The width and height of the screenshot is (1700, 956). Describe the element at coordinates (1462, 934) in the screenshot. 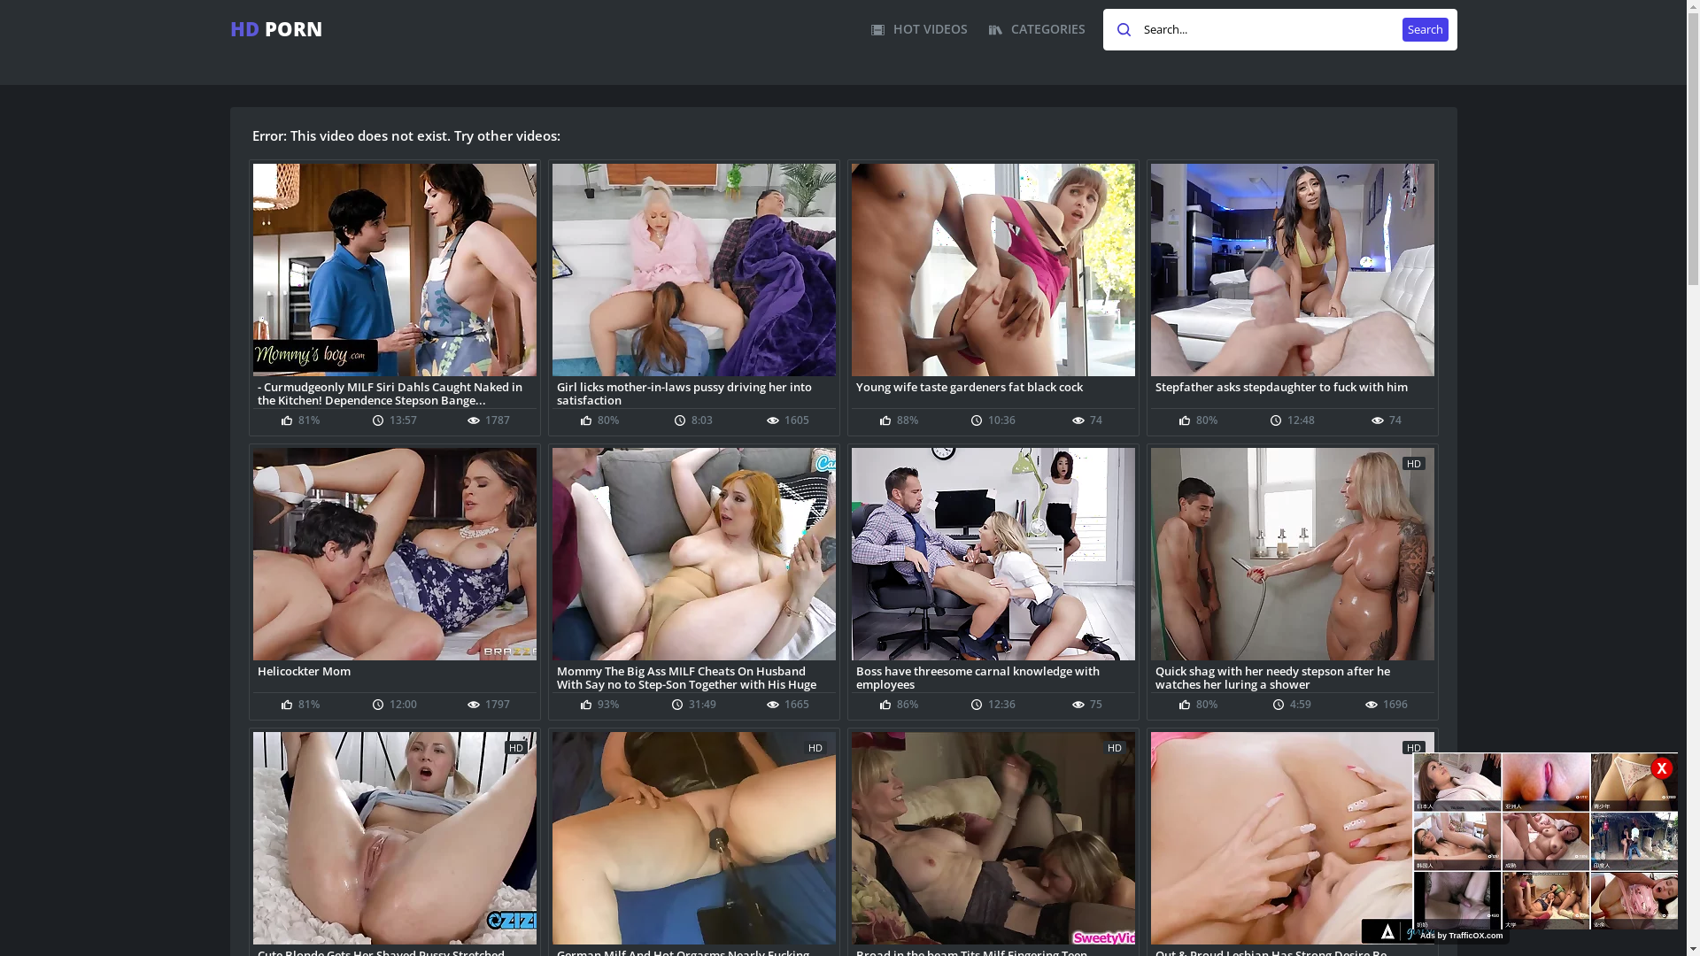

I see `'Ads by TrafficOX.com'` at that location.